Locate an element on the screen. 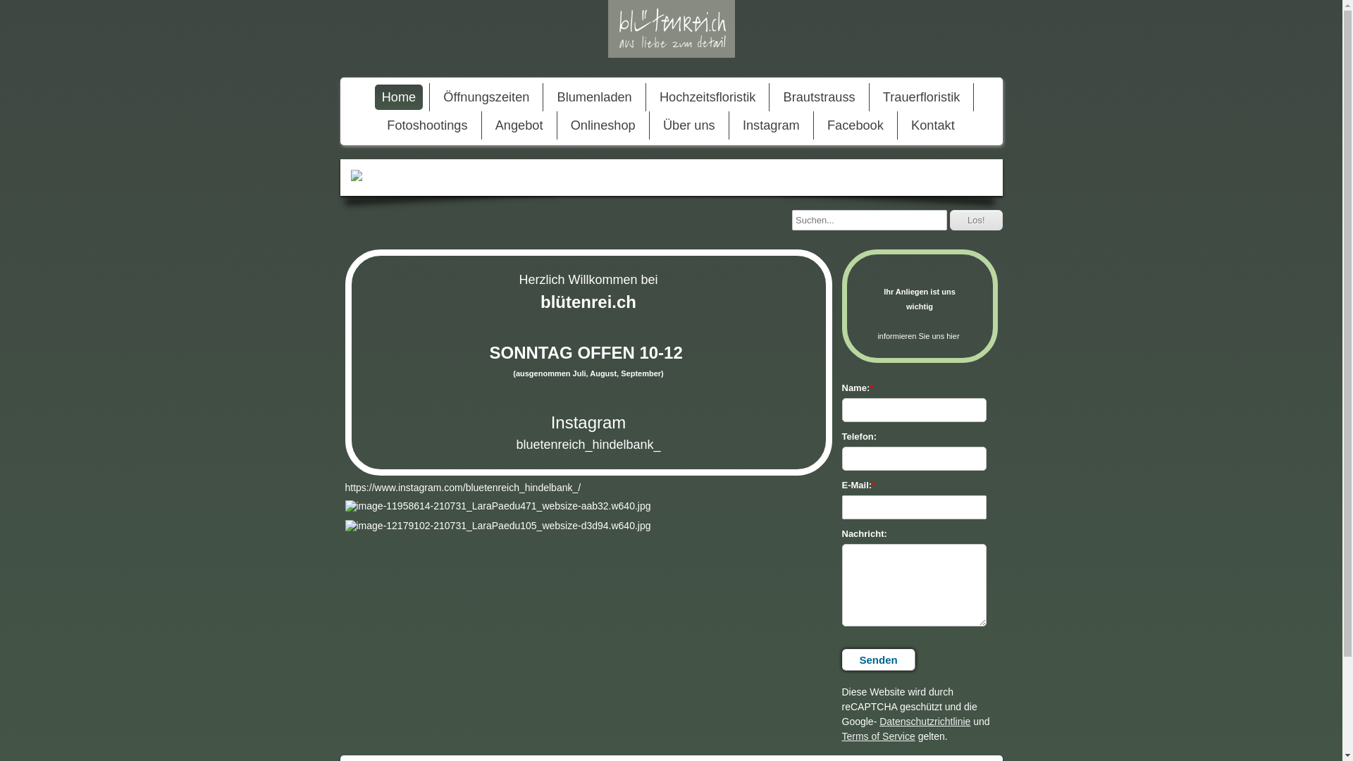 This screenshot has width=1353, height=761. 'Instagram' is located at coordinates (770, 124).